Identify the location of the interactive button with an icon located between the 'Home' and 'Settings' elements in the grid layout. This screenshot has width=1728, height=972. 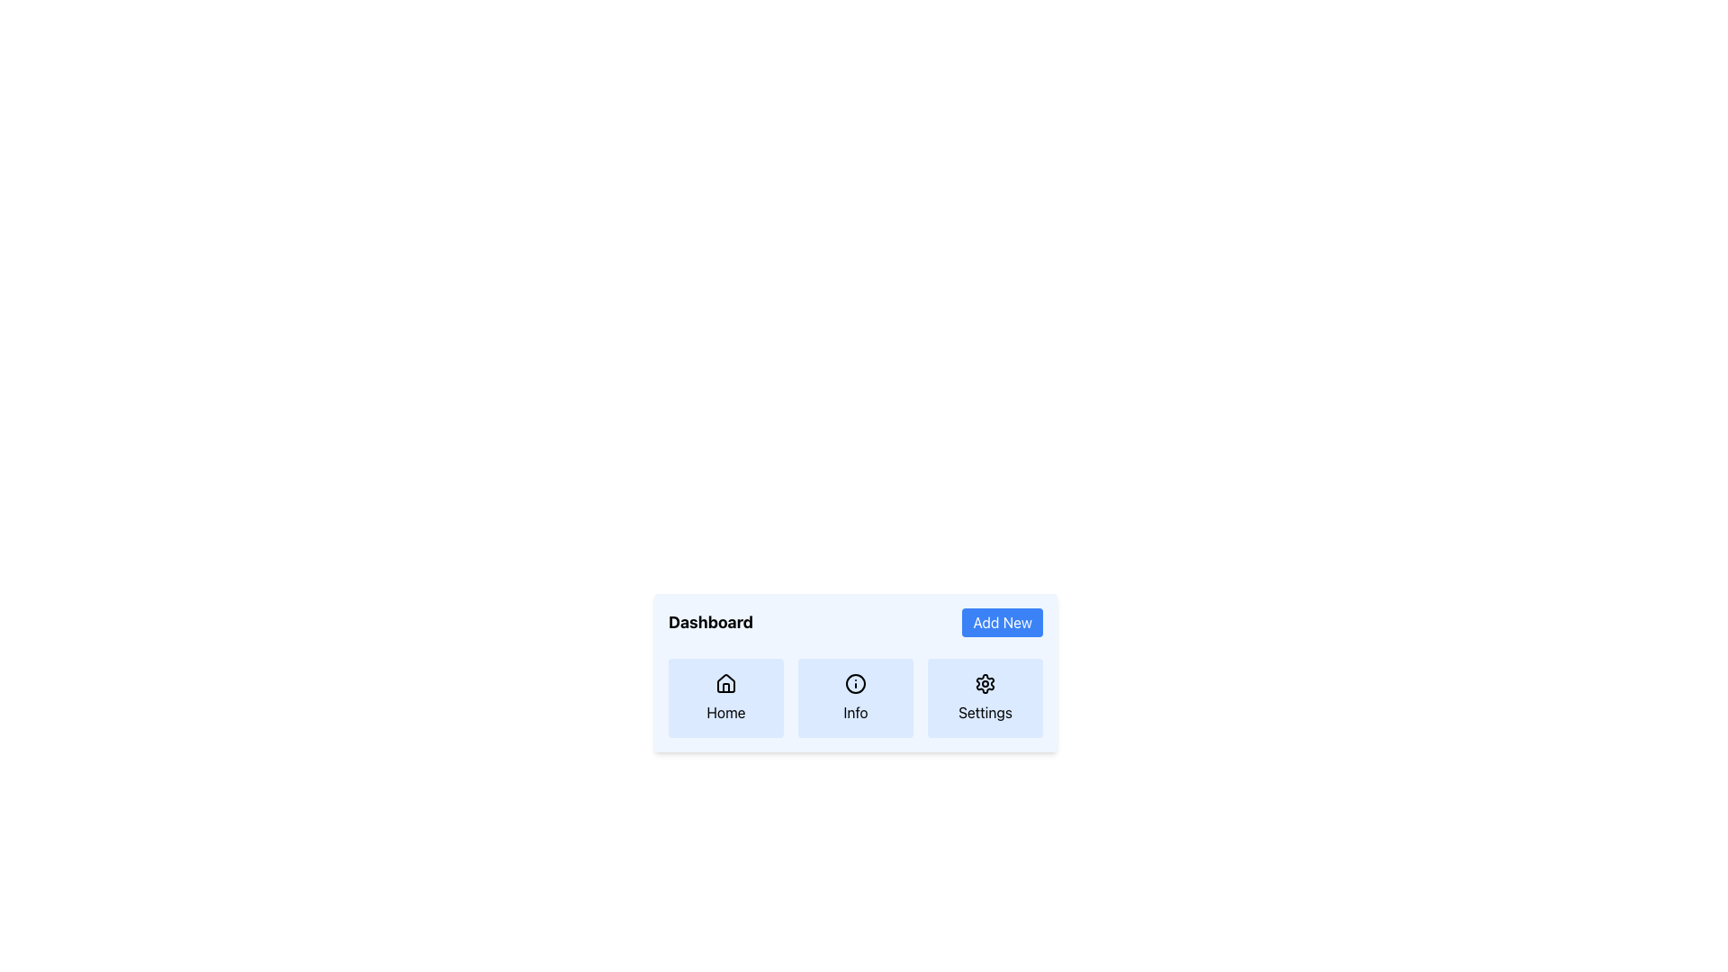
(854, 697).